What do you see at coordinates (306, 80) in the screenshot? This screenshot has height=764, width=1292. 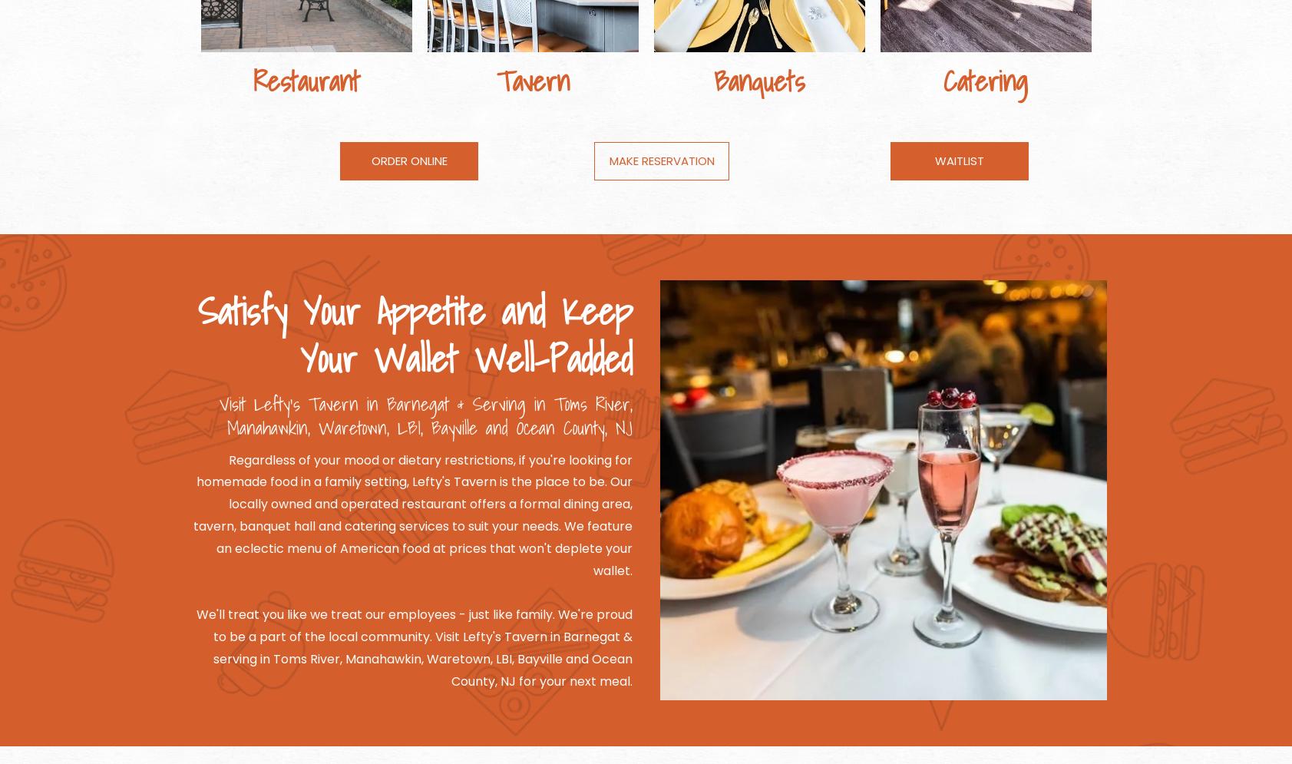 I see `'Restaurant'` at bounding box center [306, 80].